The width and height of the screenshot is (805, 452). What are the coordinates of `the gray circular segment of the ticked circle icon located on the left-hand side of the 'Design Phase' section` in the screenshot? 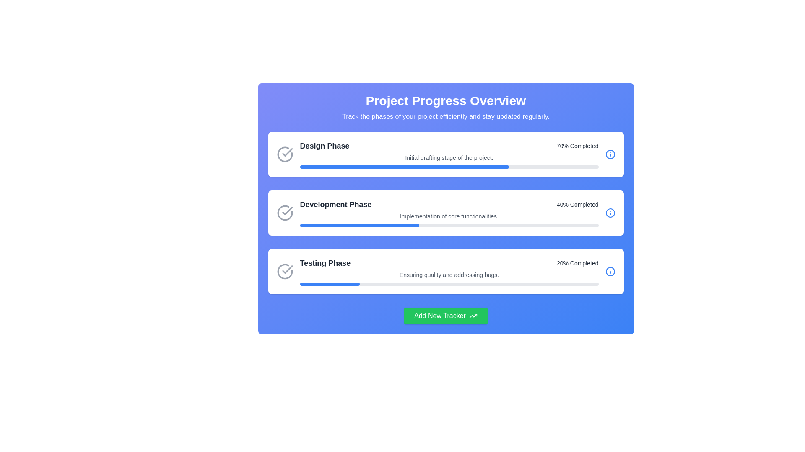 It's located at (285, 154).